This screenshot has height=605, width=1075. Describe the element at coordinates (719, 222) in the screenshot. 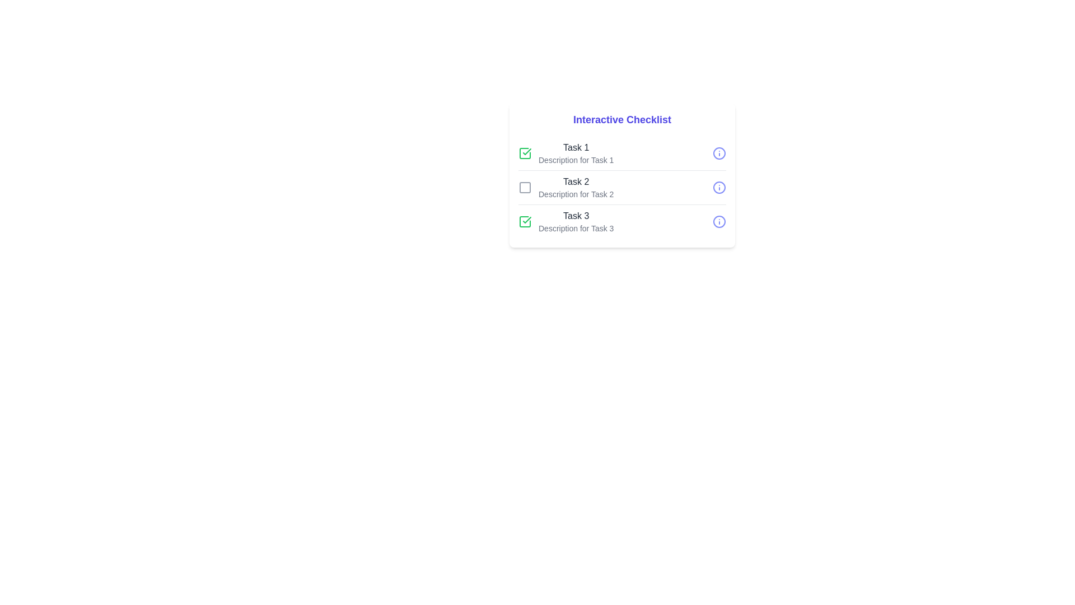

I see `information icon next to Task 3` at that location.